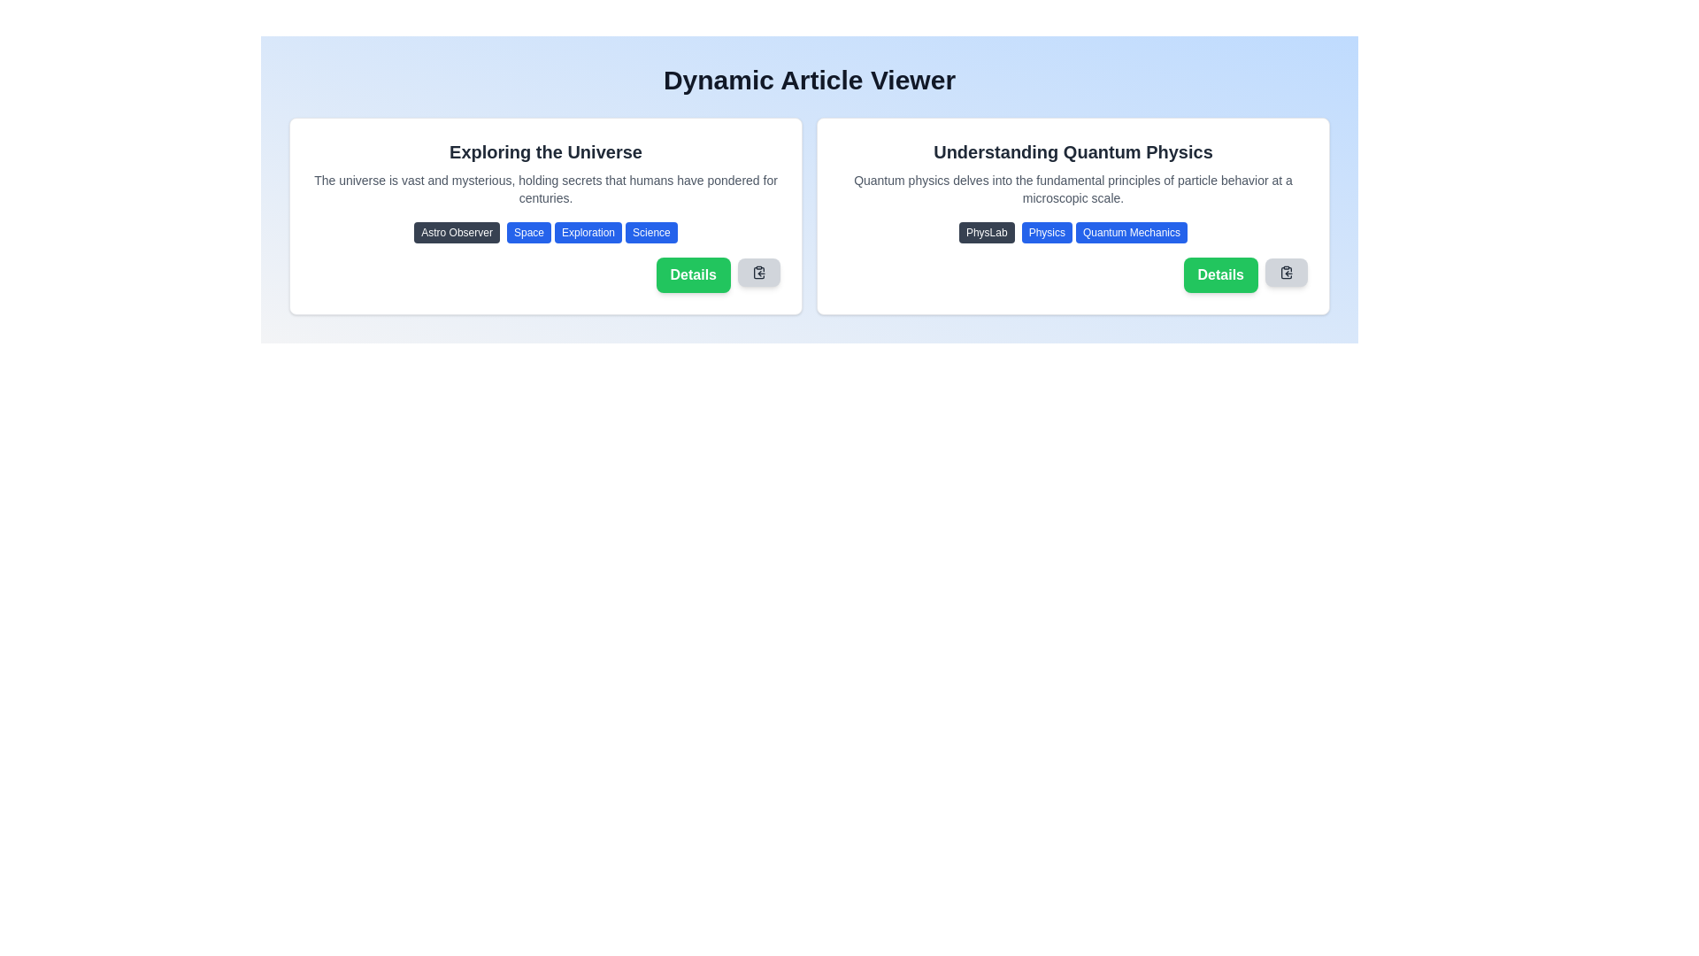  What do you see at coordinates (1072, 189) in the screenshot?
I see `the paragraph of text styled with a small font size and light gray color, which is positioned below the title 'Understanding Quantum Physics'` at bounding box center [1072, 189].